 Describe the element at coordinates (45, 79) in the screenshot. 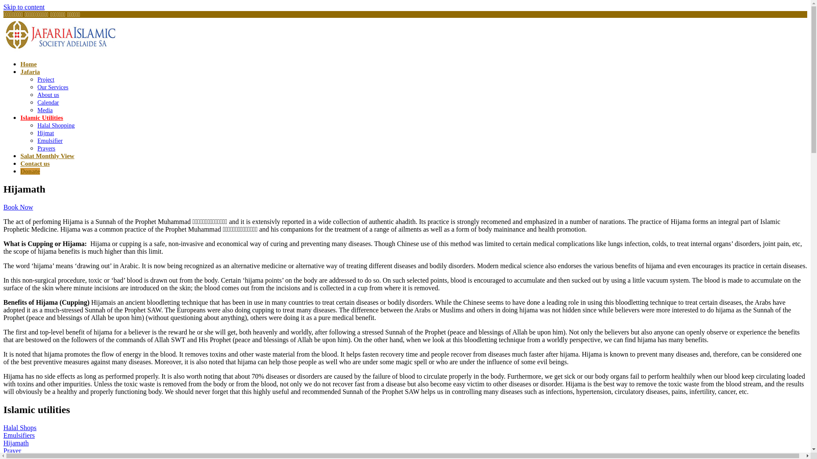

I see `'Project'` at that location.